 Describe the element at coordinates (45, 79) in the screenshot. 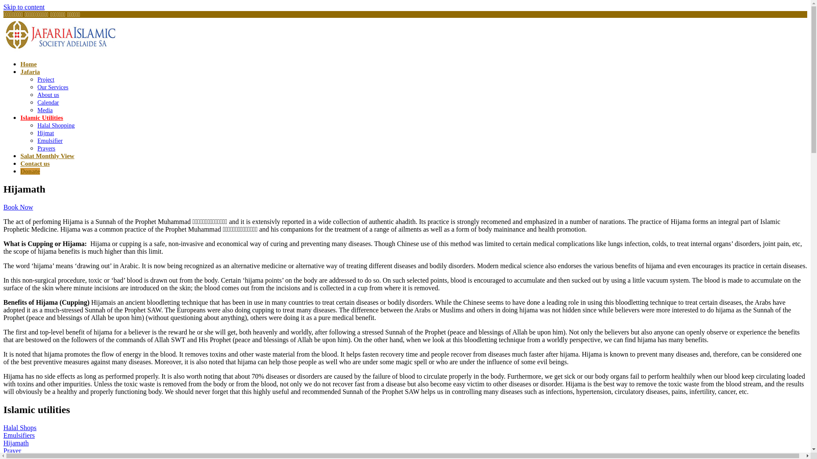

I see `'Project'` at that location.